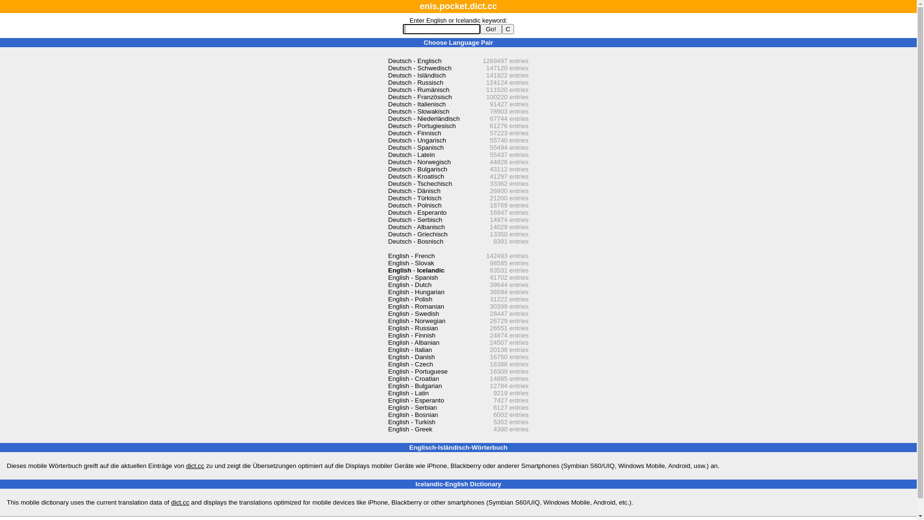  I want to click on 'English - Norwegian', so click(416, 321).